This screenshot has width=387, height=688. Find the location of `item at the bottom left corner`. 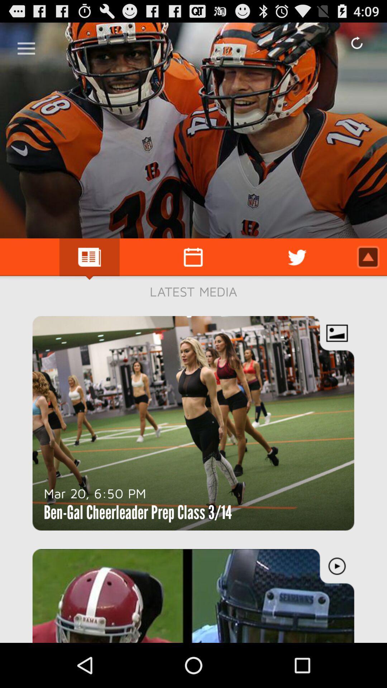

item at the bottom left corner is located at coordinates (95, 493).